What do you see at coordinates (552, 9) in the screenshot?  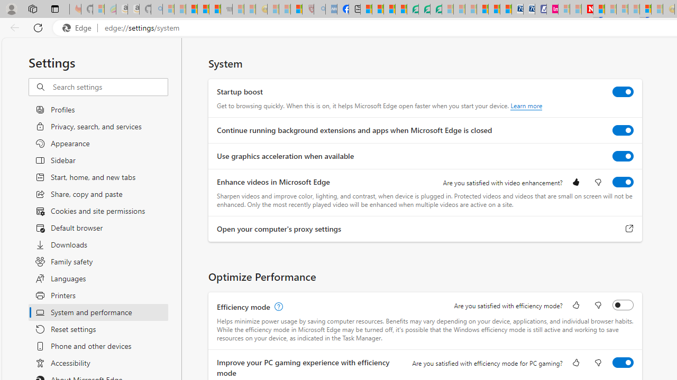 I see `'Jobs - lastminute.com Investor Portal'` at bounding box center [552, 9].